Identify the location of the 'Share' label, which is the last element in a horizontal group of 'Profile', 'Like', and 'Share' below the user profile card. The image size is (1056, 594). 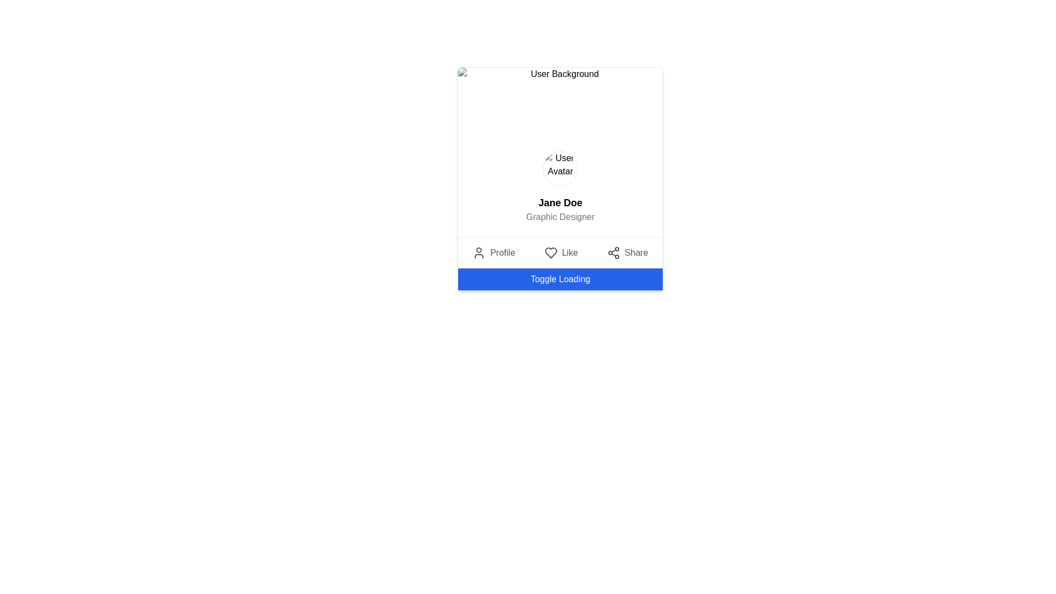
(636, 252).